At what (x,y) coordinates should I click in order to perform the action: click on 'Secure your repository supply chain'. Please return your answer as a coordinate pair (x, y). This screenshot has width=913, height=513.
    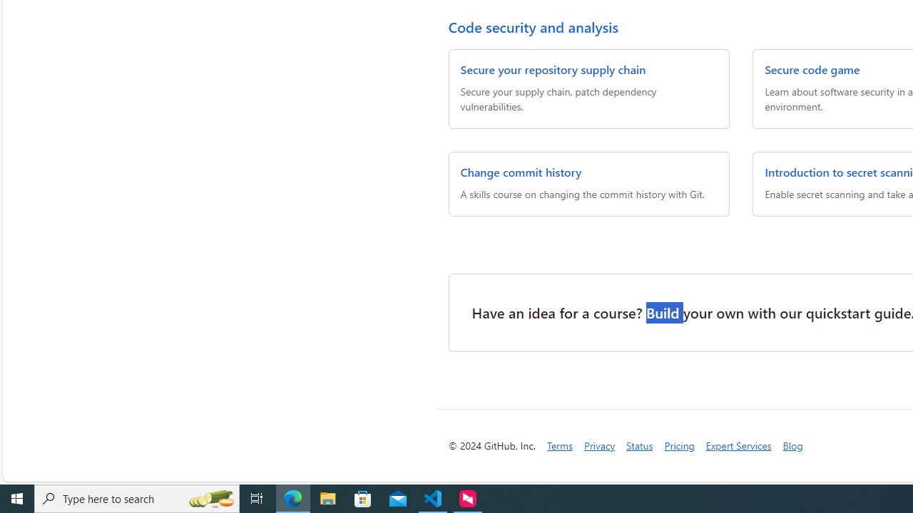
    Looking at the image, I should click on (552, 69).